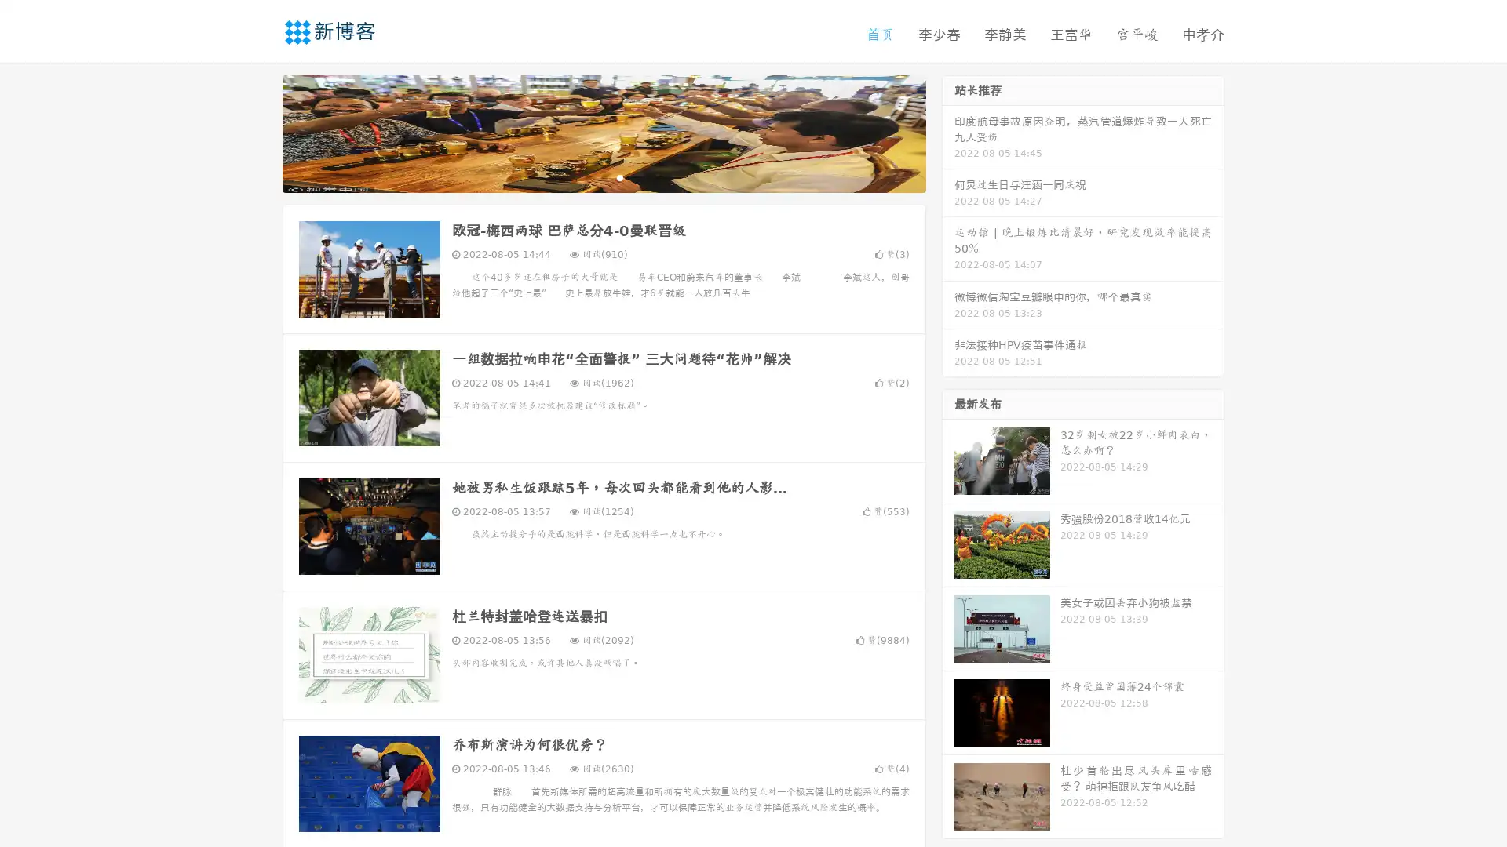  What do you see at coordinates (587, 176) in the screenshot?
I see `Go to slide 1` at bounding box center [587, 176].